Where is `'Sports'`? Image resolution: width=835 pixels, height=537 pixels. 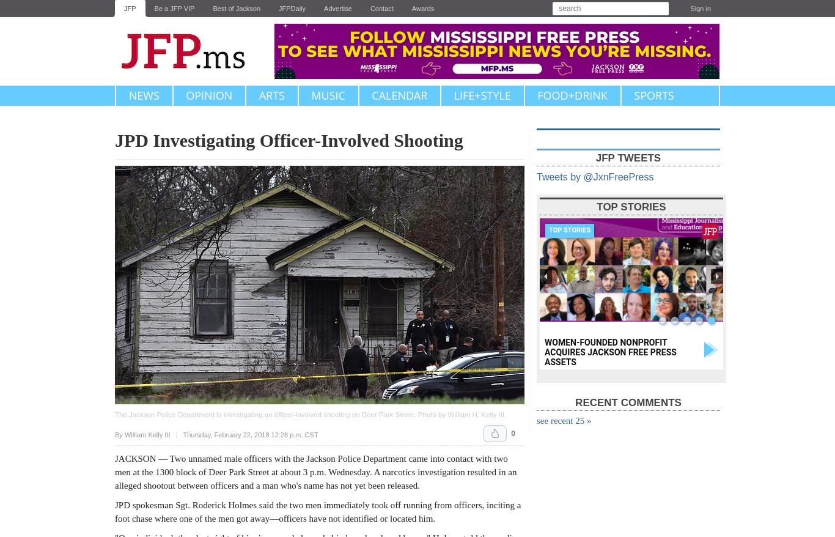 'Sports' is located at coordinates (653, 95).